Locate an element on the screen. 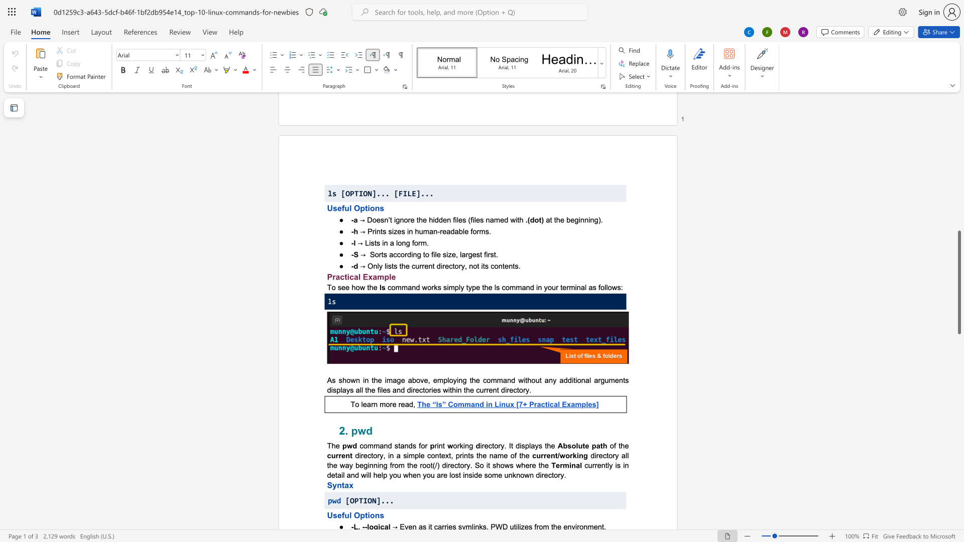  the scrollbar to move the view up is located at coordinates (958, 105).